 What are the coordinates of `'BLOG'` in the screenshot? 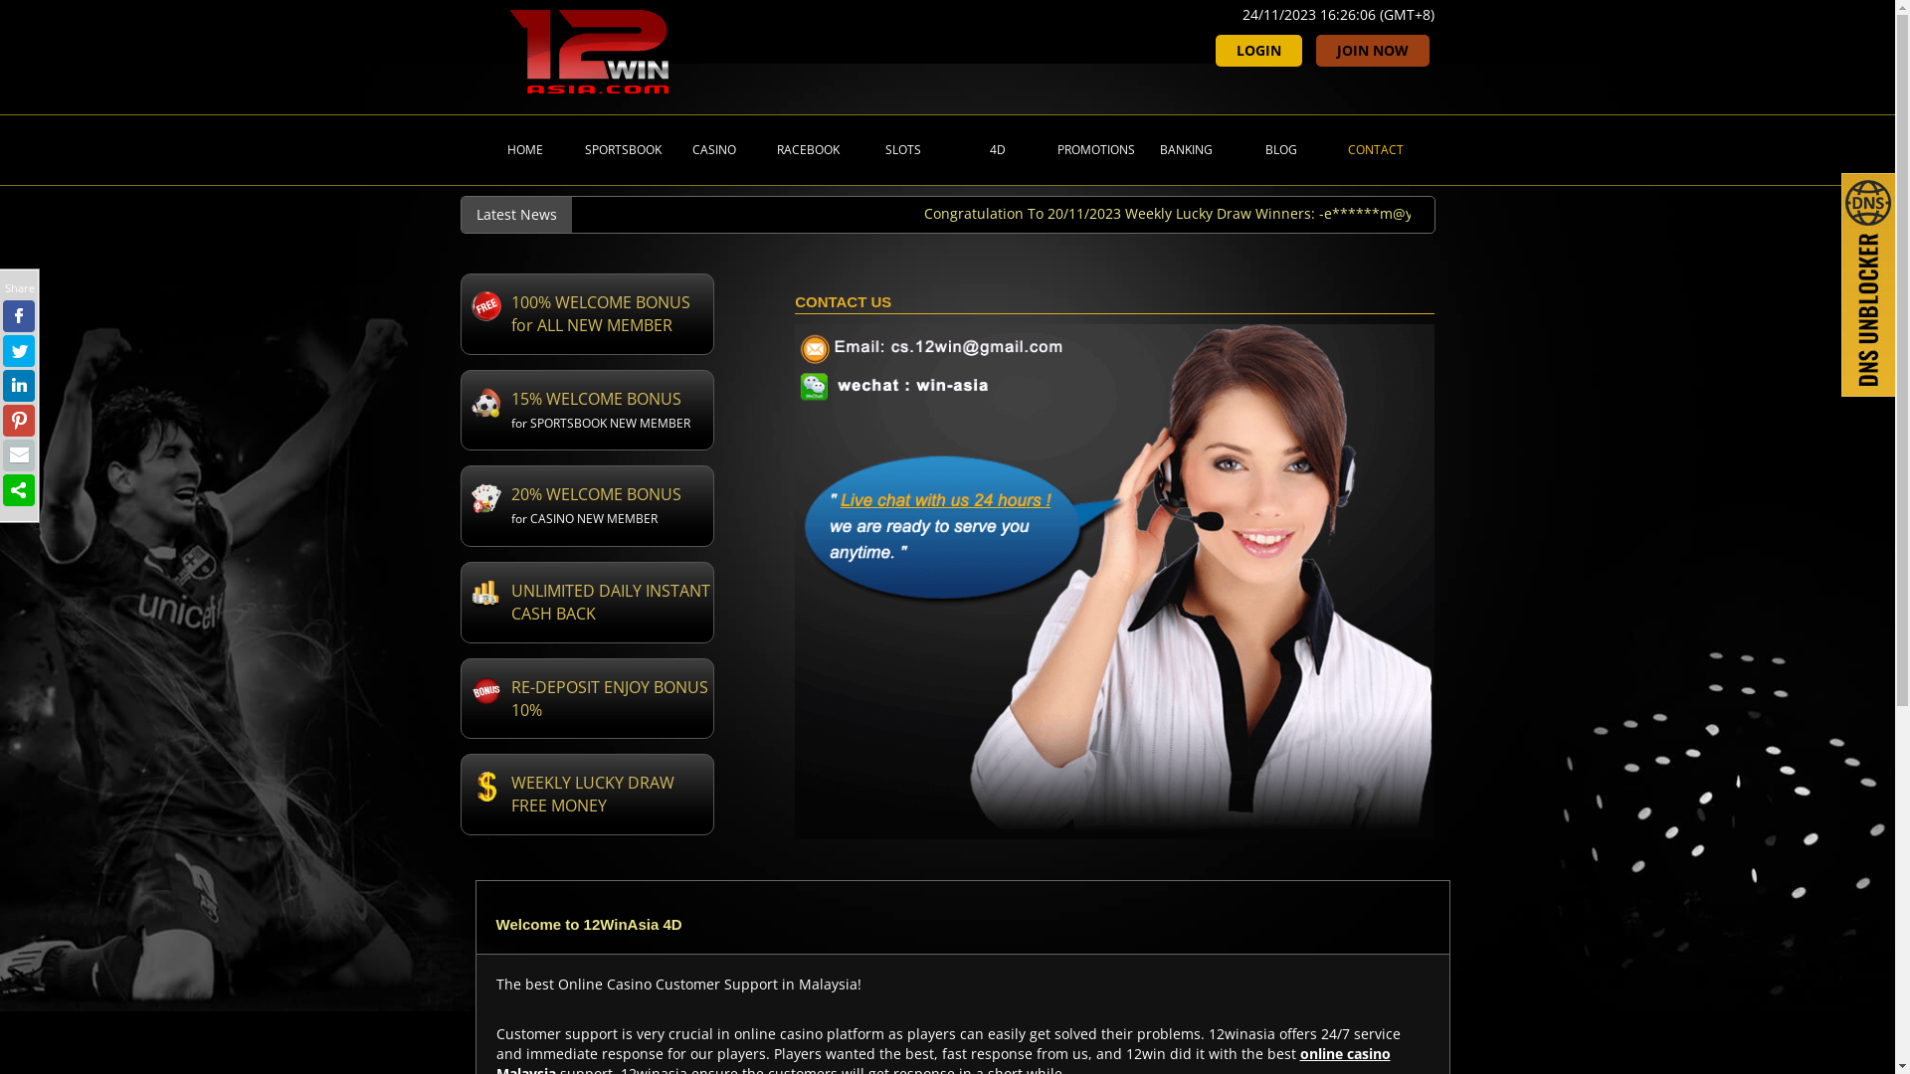 It's located at (1278, 148).